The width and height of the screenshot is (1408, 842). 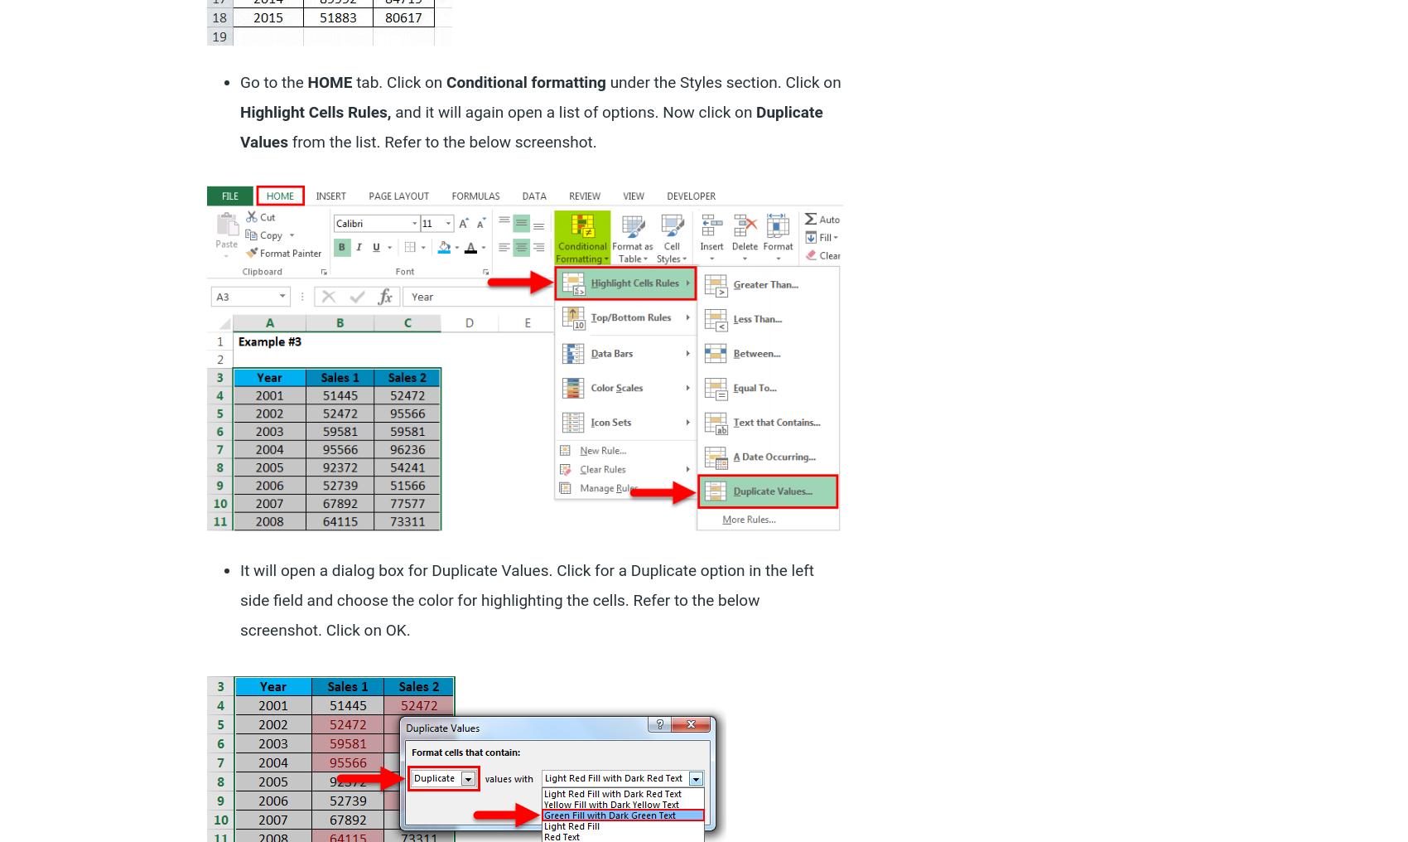 What do you see at coordinates (390, 110) in the screenshot?
I see `'and it will again open a list of options. Now click on'` at bounding box center [390, 110].